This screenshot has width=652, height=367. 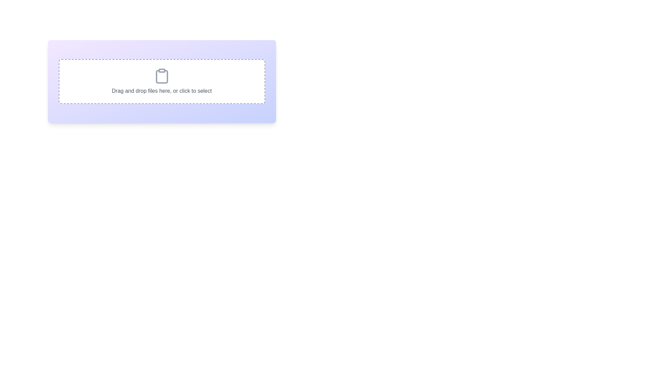 What do you see at coordinates (161, 71) in the screenshot?
I see `the decorative rectangular element located near the top center of the clipboard icon` at bounding box center [161, 71].